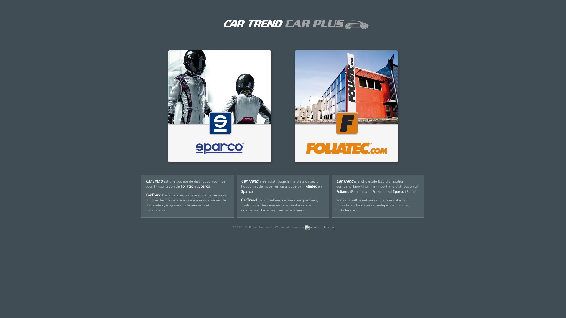 The width and height of the screenshot is (566, 318). Describe the element at coordinates (328, 227) in the screenshot. I see `'Privacy'` at that location.